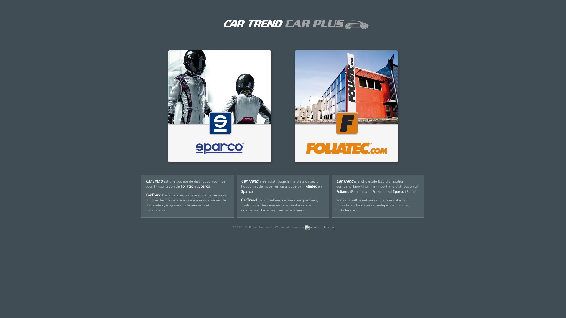 The width and height of the screenshot is (566, 318). Describe the element at coordinates (328, 227) in the screenshot. I see `'Privacy'` at that location.